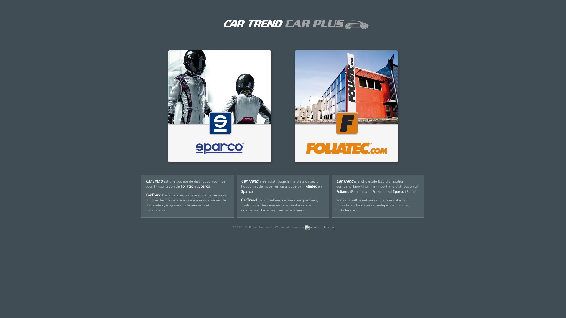 The width and height of the screenshot is (566, 318). Describe the element at coordinates (328, 227) in the screenshot. I see `'Privacy'` at that location.